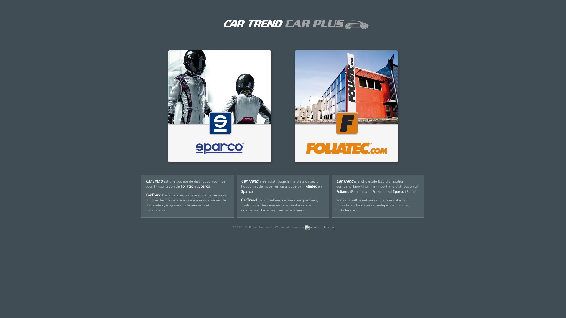 The width and height of the screenshot is (566, 318). Describe the element at coordinates (328, 227) in the screenshot. I see `'Privacy'` at that location.